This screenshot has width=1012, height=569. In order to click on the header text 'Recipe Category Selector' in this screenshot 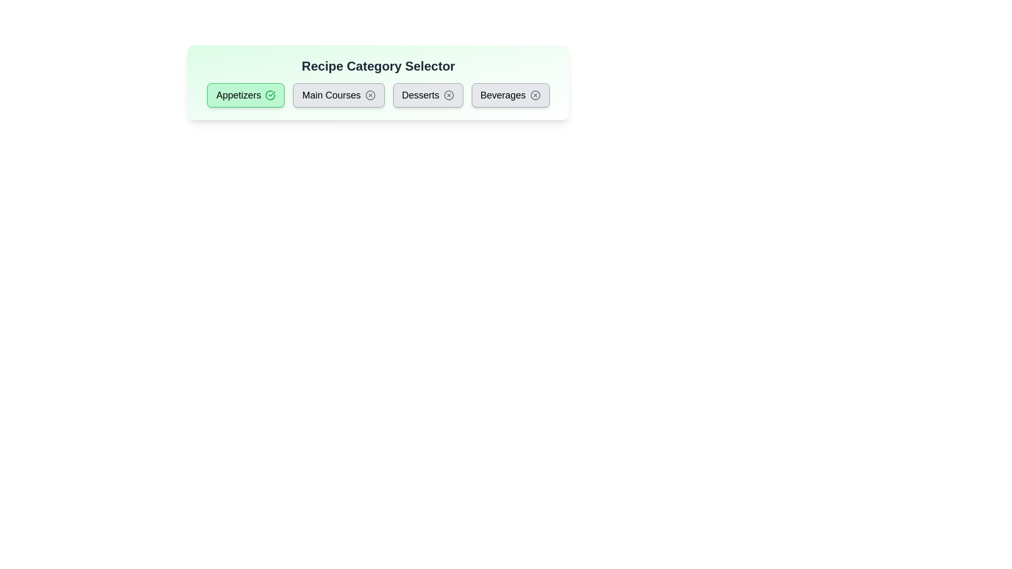, I will do `click(378, 66)`.